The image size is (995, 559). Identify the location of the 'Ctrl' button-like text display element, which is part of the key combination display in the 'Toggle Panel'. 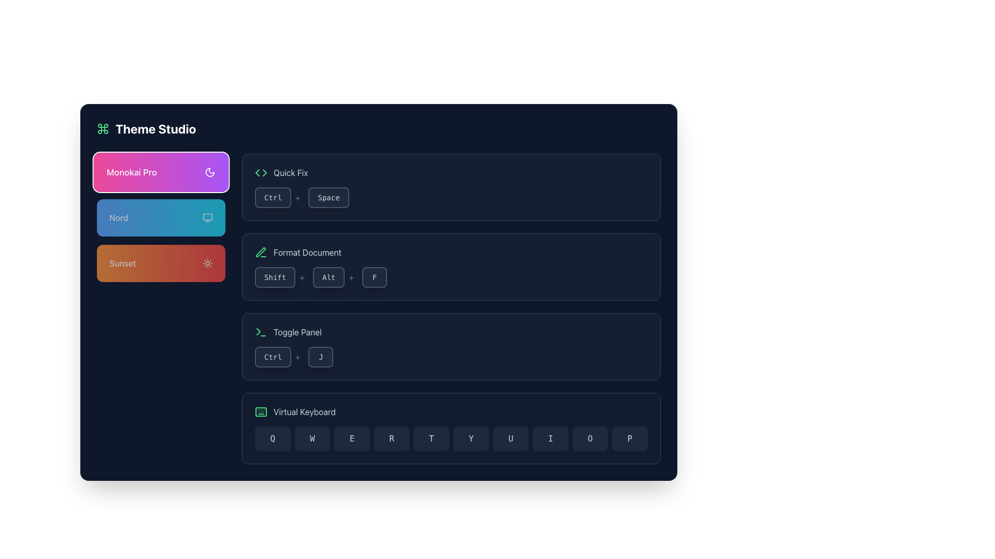
(273, 357).